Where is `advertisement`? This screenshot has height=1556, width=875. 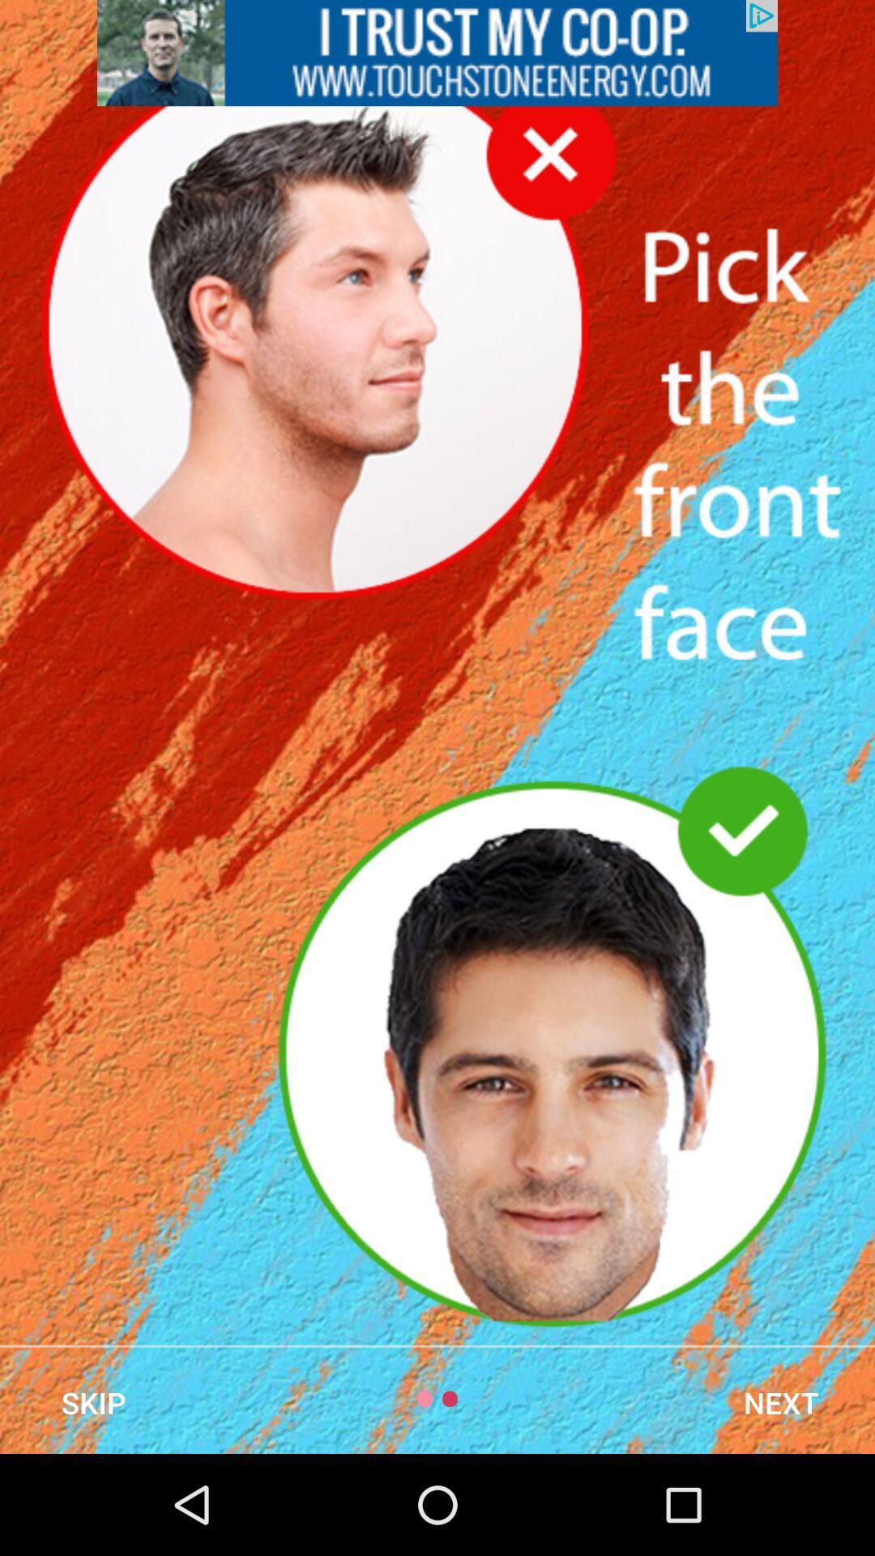
advertisement is located at coordinates (437, 53).